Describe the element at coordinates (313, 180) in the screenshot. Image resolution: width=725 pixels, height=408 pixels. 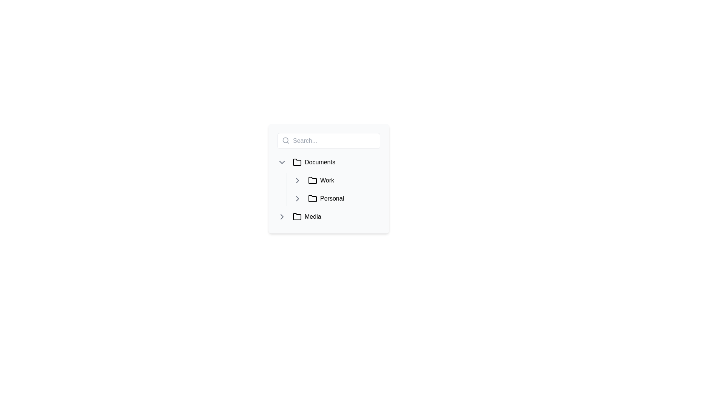
I see `the folder icon representing the 'Work' subfolder located in the 'Documents' section of the file navigation panel` at that location.